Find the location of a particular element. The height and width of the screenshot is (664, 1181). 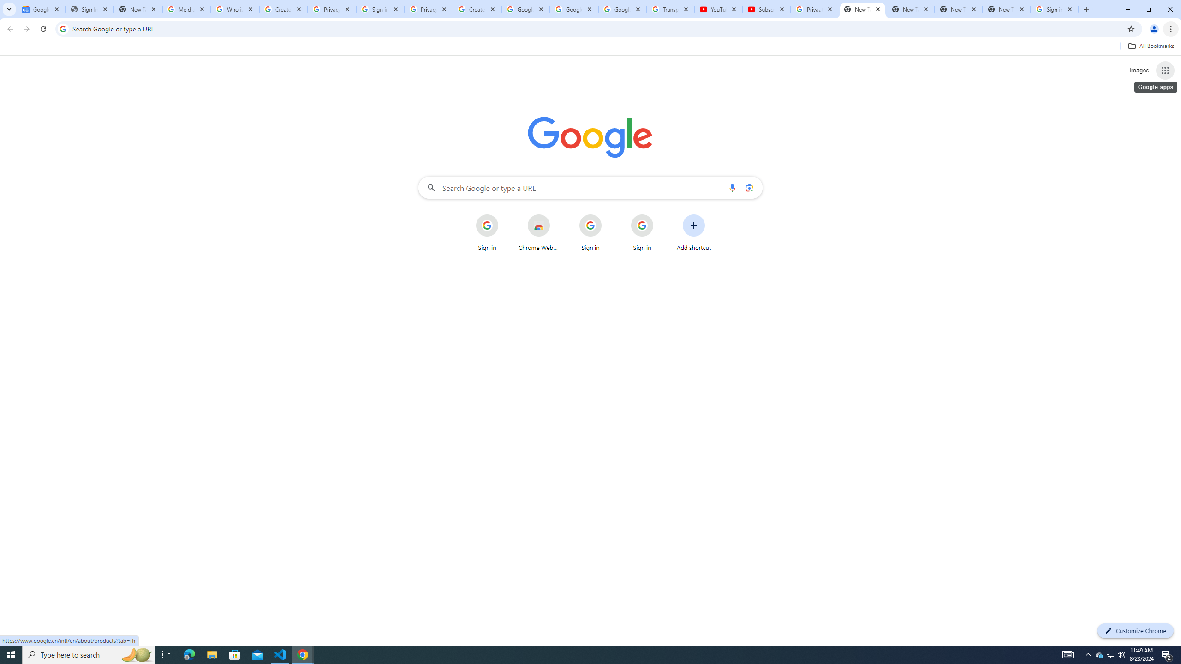

'Subscriptions - YouTube' is located at coordinates (766, 9).